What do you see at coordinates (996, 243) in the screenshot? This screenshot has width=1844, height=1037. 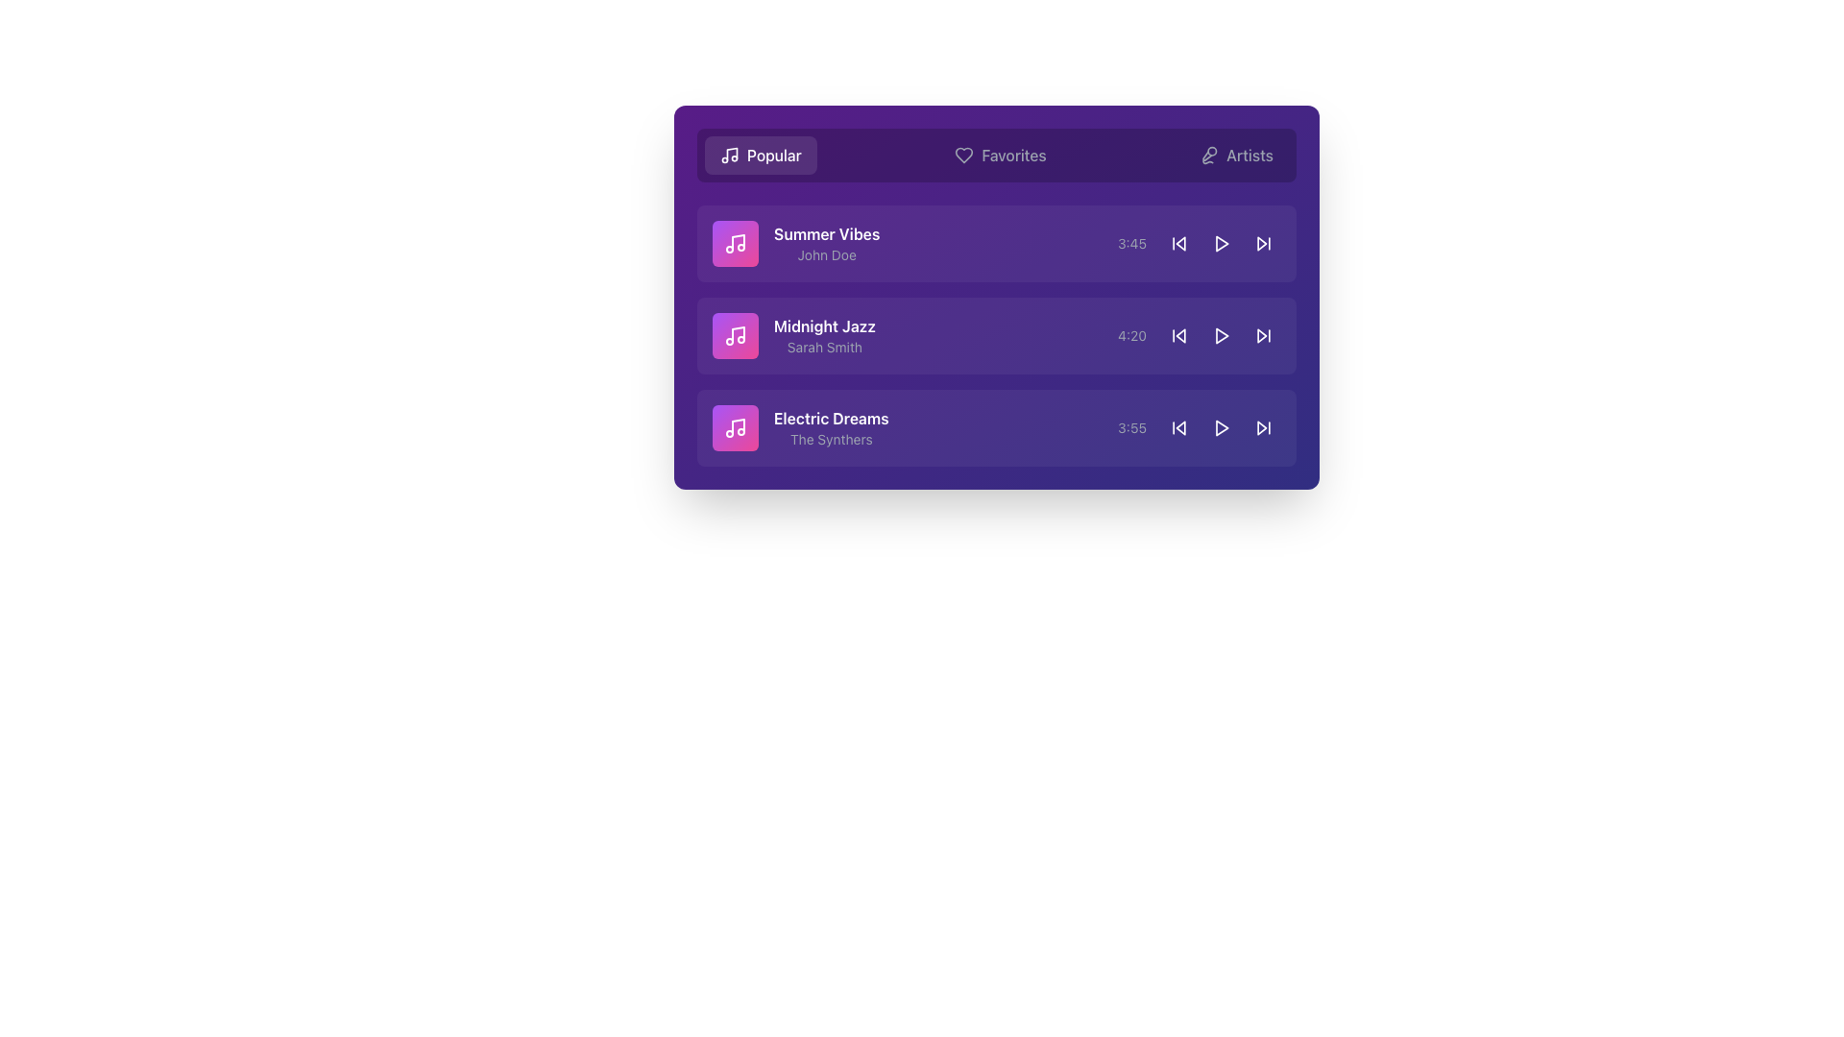 I see `the first music track card` at bounding box center [996, 243].